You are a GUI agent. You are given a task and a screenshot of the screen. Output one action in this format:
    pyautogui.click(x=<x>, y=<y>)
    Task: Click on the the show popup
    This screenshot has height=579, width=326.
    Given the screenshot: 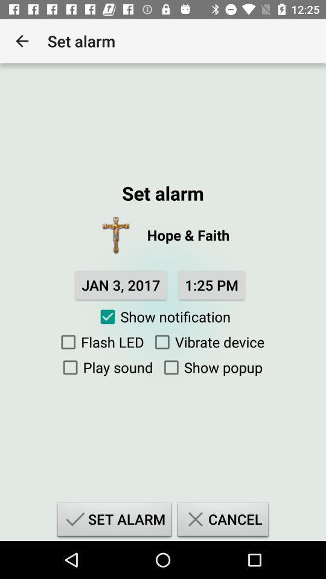 What is the action you would take?
    pyautogui.click(x=209, y=367)
    